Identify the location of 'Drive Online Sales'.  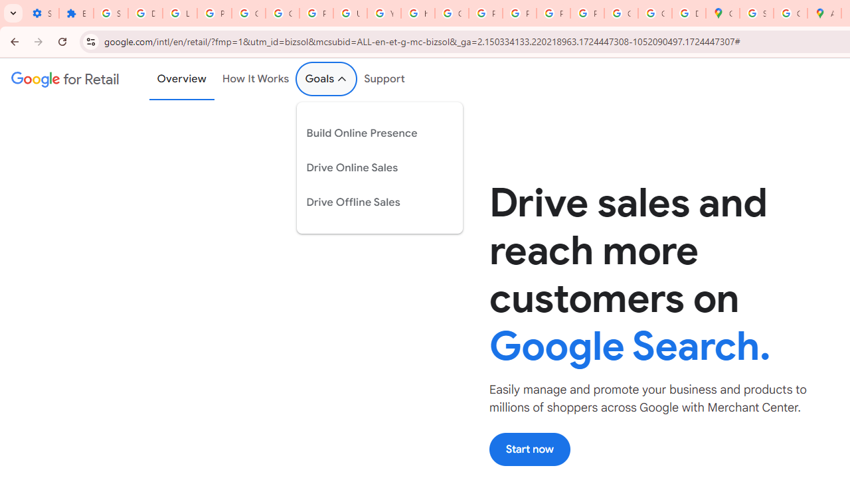
(369, 167).